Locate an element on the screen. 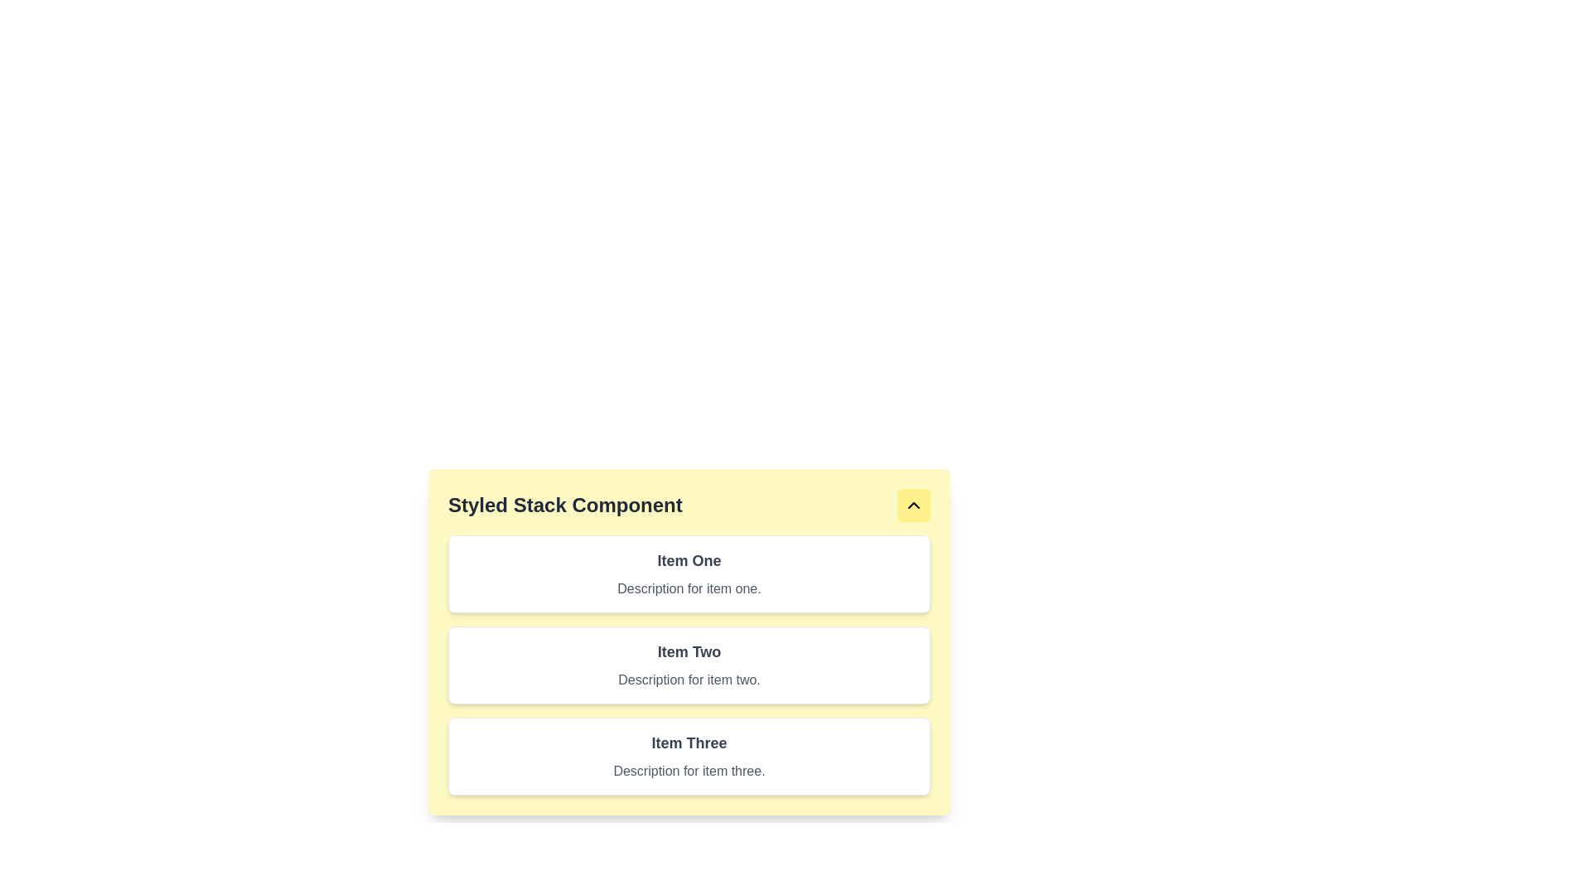 The width and height of the screenshot is (1591, 895). the third card in a vertical stack, which has a white background and contains the text 'Item Three' in bold and 'Description for item three' in smaller gray font is located at coordinates (689, 757).